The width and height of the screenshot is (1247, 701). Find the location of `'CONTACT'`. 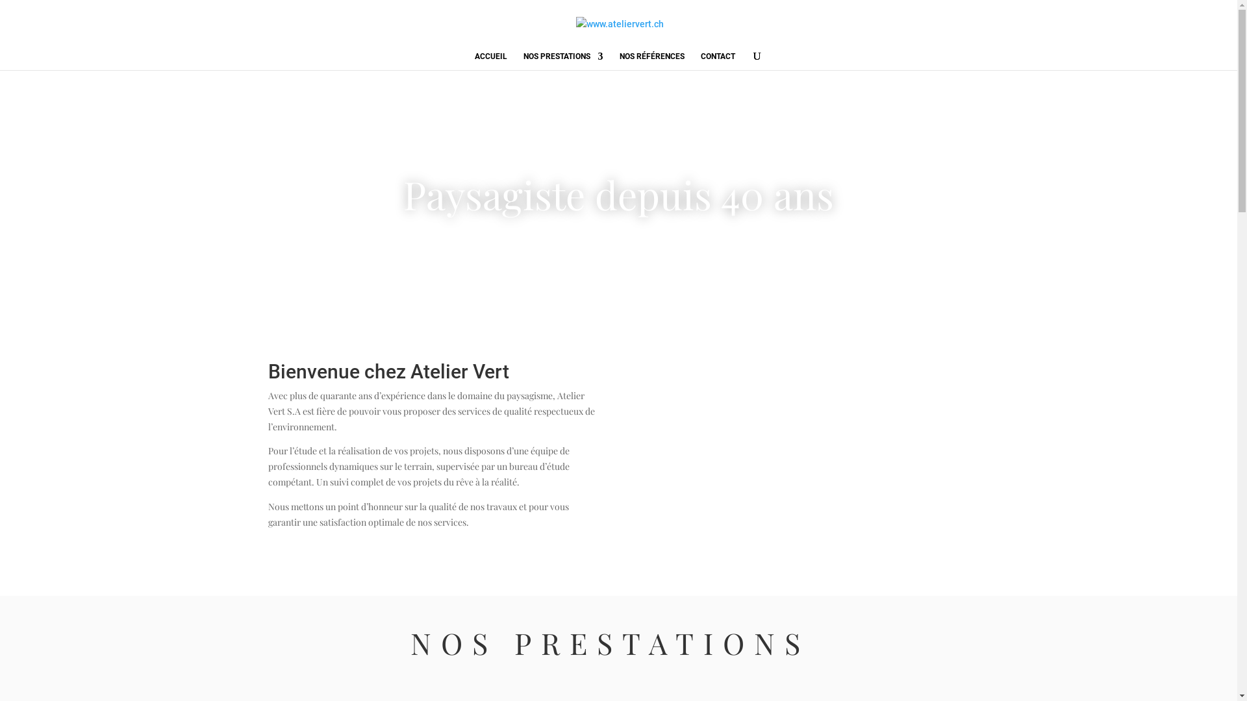

'CONTACT' is located at coordinates (716, 60).